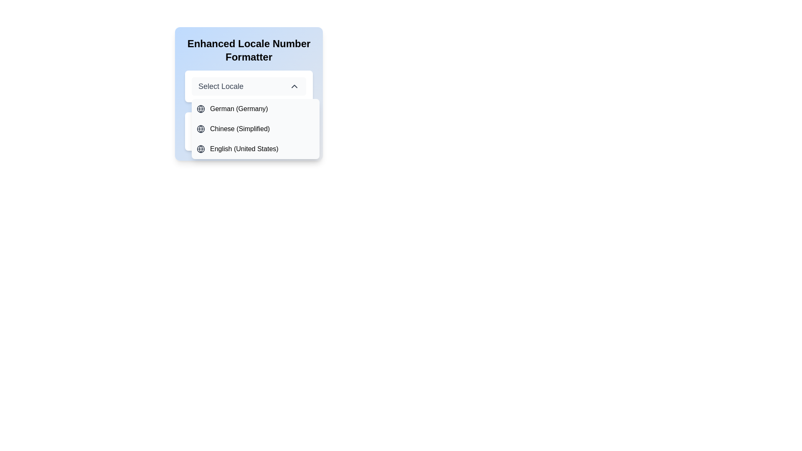 This screenshot has width=802, height=451. What do you see at coordinates (248, 132) in the screenshot?
I see `the Text display box that shows 'Value in the Selected Locale:' and the numerical value '1,450.45'` at bounding box center [248, 132].